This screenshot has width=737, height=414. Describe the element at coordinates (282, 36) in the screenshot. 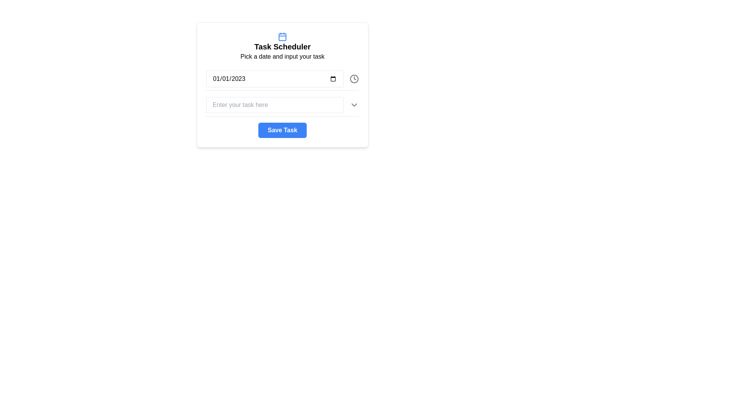

I see `the calendar icon located above the 'Task Scheduler' heading in the centered card interface` at that location.